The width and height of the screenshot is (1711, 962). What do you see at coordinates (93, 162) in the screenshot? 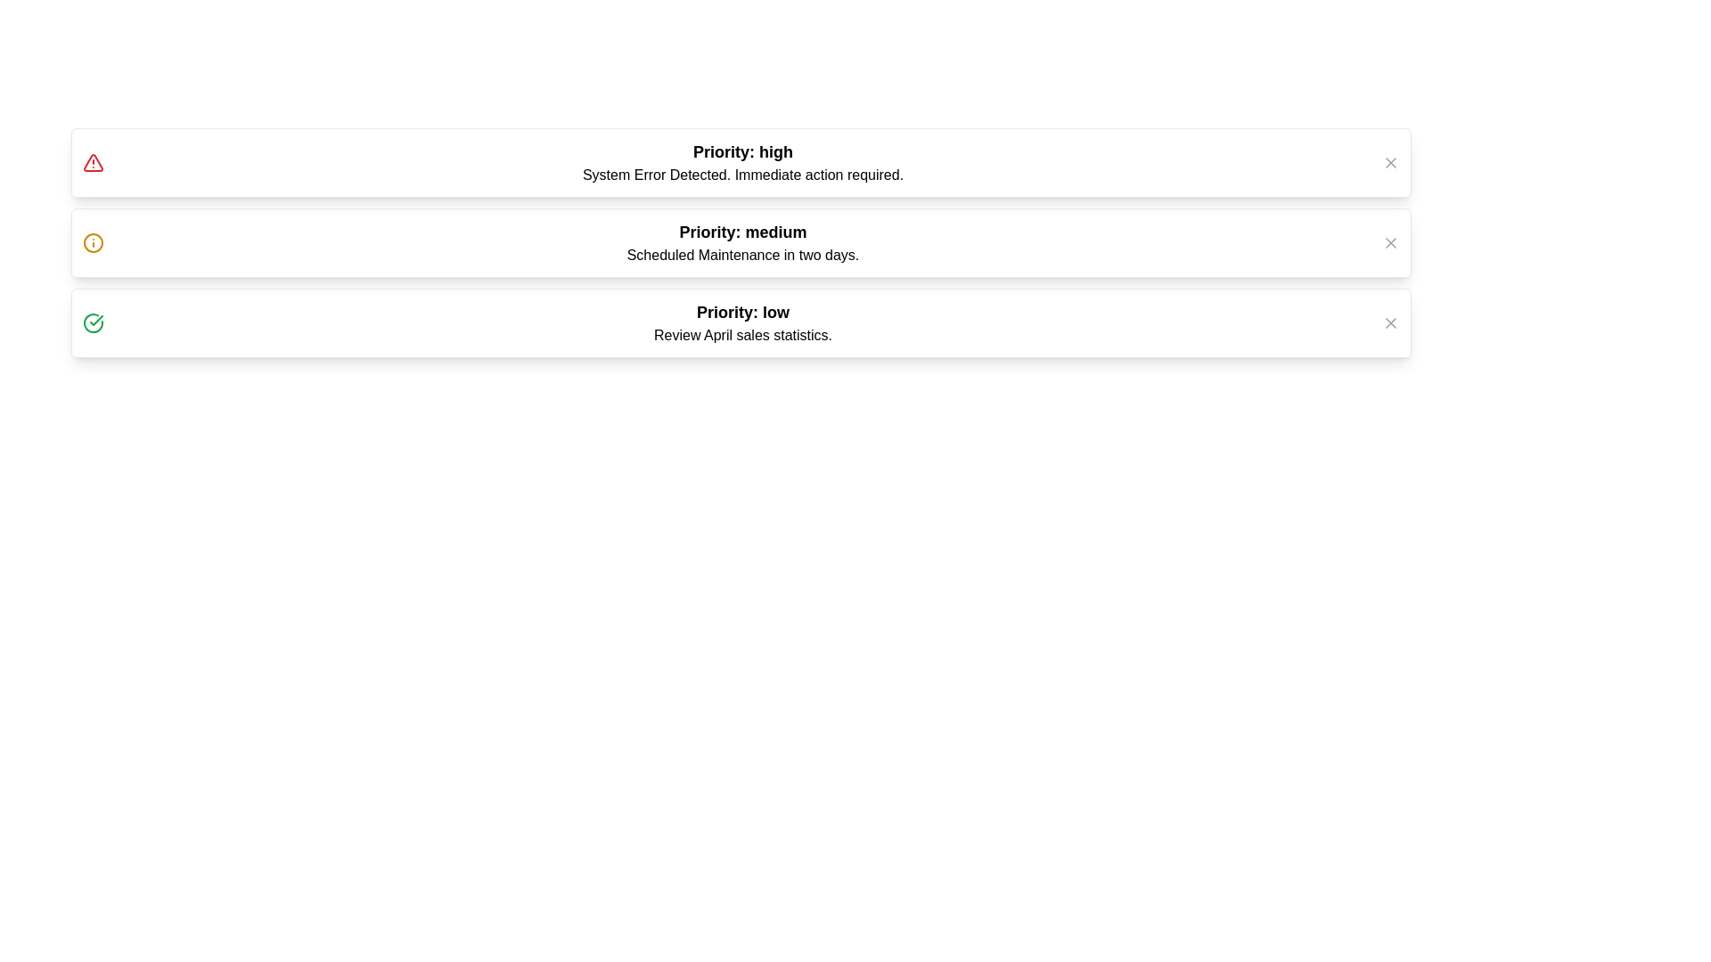
I see `the icon of the alert with priority high` at bounding box center [93, 162].